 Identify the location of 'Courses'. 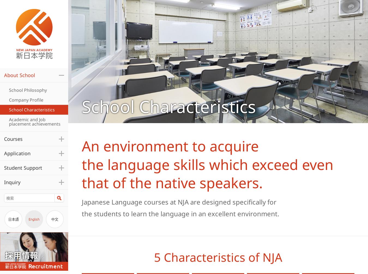
(4, 139).